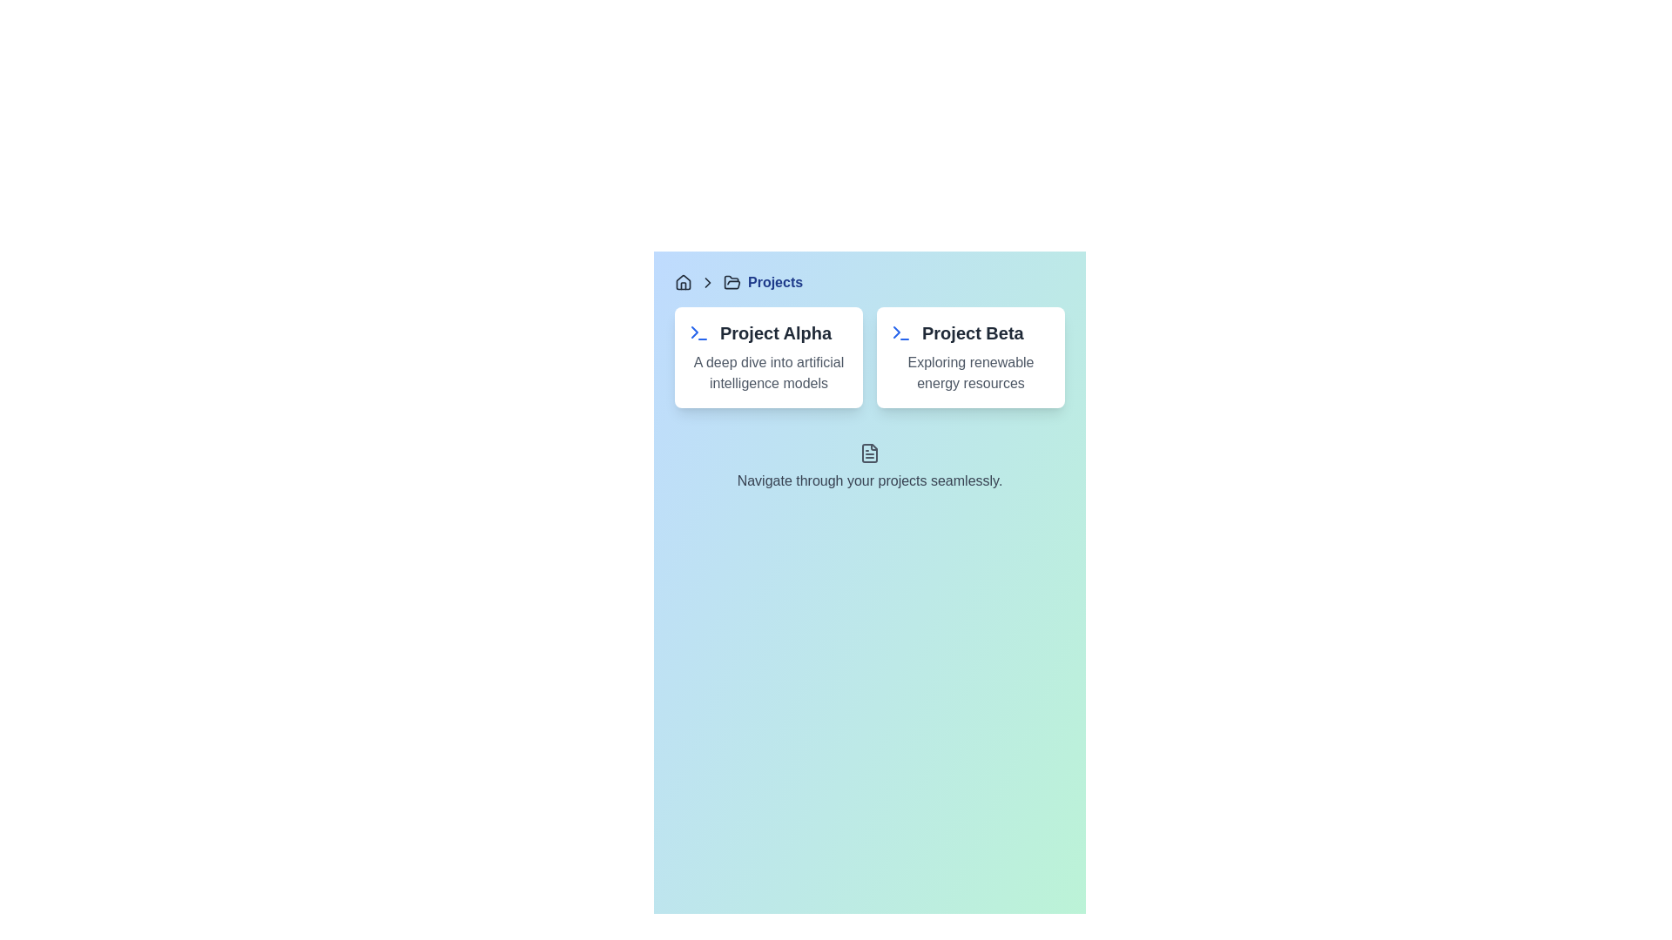 This screenshot has height=940, width=1672. What do you see at coordinates (901, 332) in the screenshot?
I see `the terminal icon representing command-line functionality for the 'Project Beta' project, which is located on the left side of the second project card in a horizontal list` at bounding box center [901, 332].